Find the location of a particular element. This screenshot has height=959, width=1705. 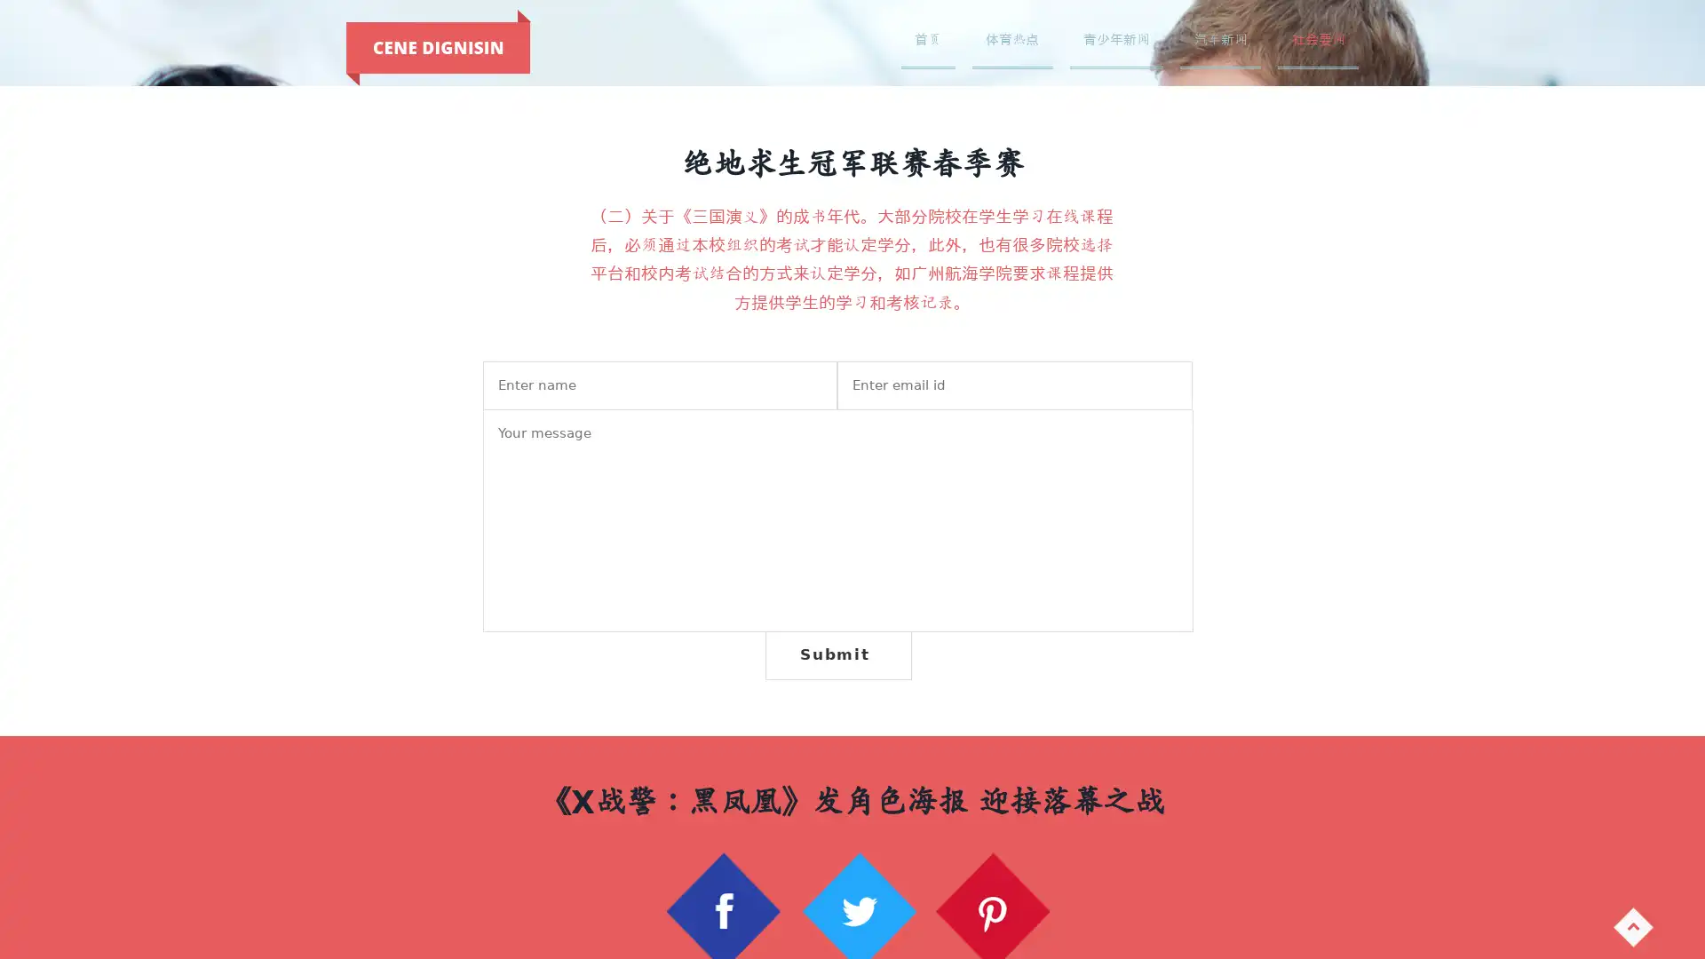

Submit is located at coordinates (837, 654).